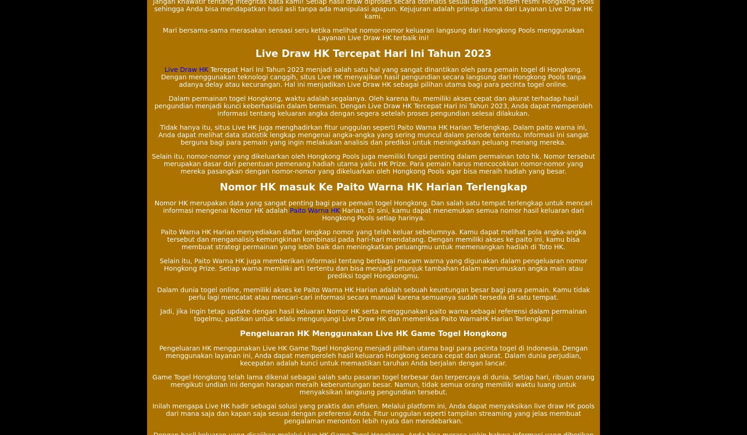  What do you see at coordinates (373, 268) in the screenshot?
I see `'Selain itu, Paito Warna HK juga memberikan informasi tentang berbagai macam warna yang digunakan dalam pengeluaran nomor Hongkong Prize. Setiap warna memiliki arti tertentu dan bisa menjadi petunjuk tambahan dalam merumuskan angka main atau prediksi togel Hongkongmu.'` at bounding box center [373, 268].